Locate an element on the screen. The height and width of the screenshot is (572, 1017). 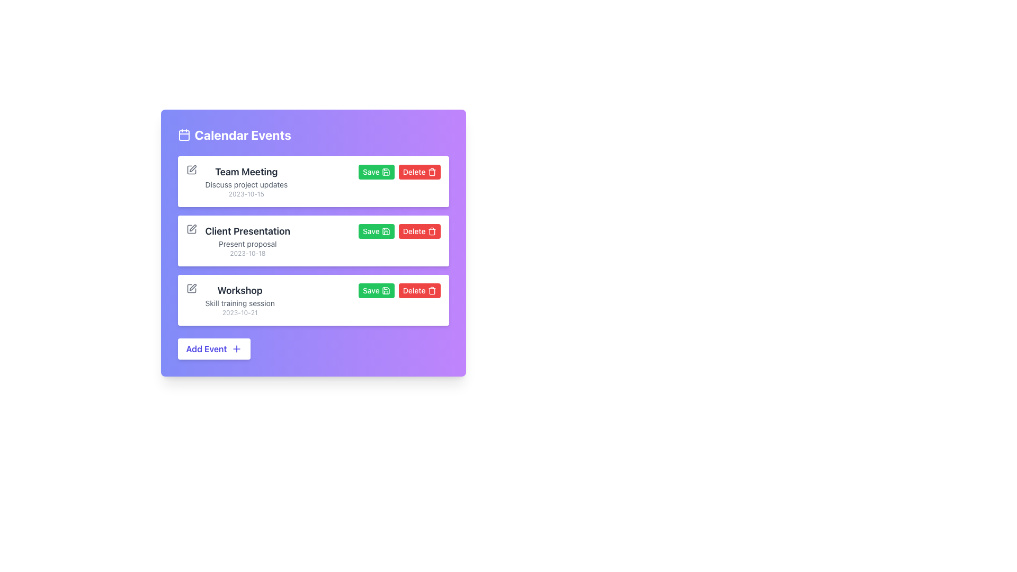
the 'Delete' button with a red background and white text, labeled with a trash can icon is located at coordinates (419, 290).